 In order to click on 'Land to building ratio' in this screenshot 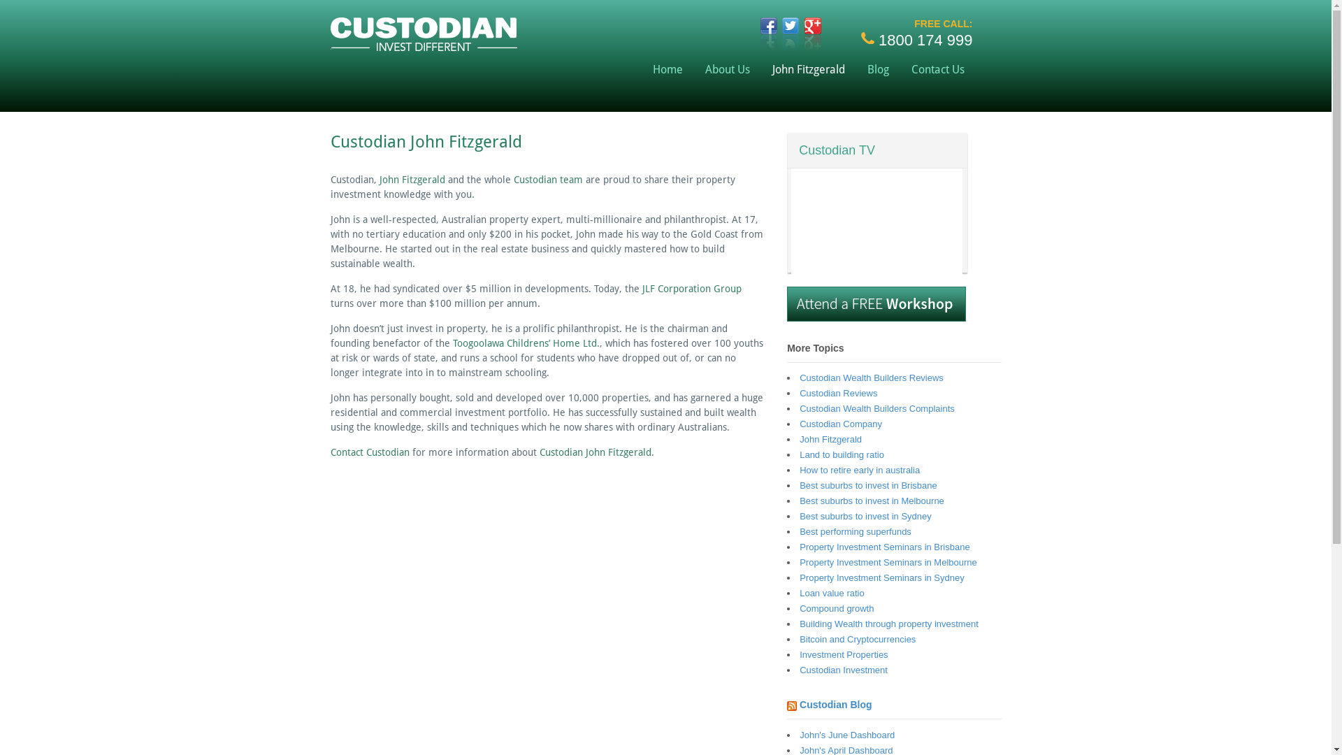, I will do `click(841, 454)`.